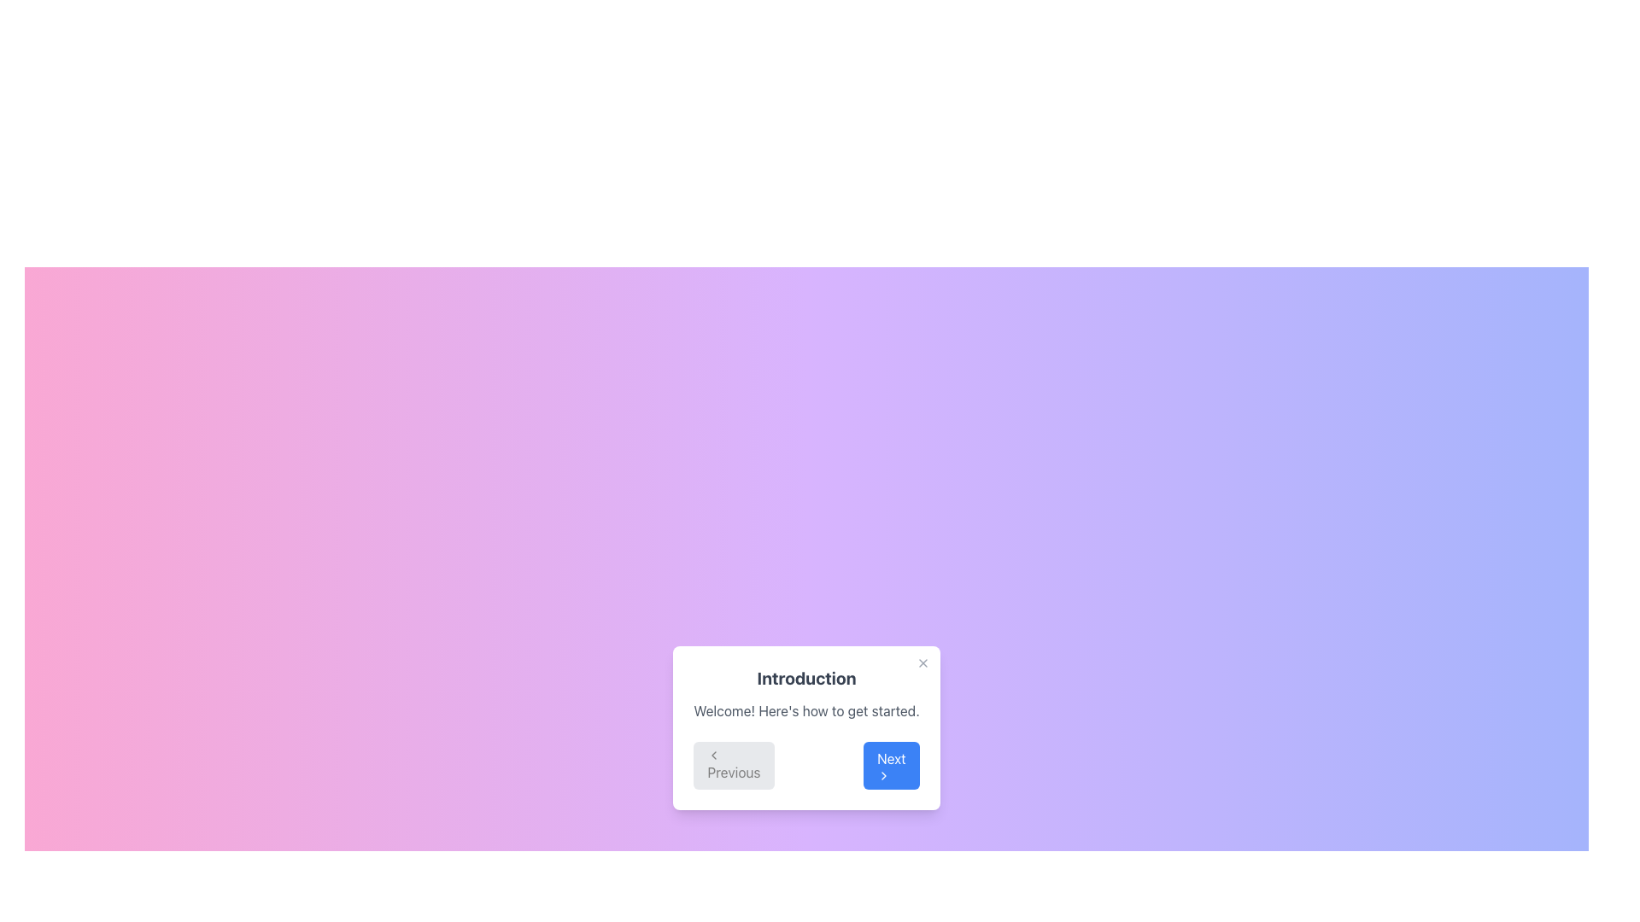 This screenshot has height=922, width=1640. I want to click on the 'Next' button located at the bottom of the white card with rounded corners, which contains the title 'Introduction' and allows navigation to the next step, so click(805, 765).